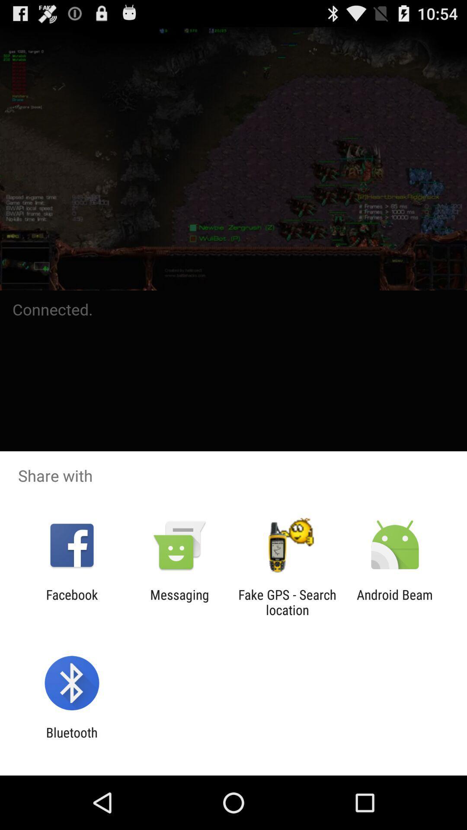 Image resolution: width=467 pixels, height=830 pixels. I want to click on the icon next to facebook item, so click(179, 602).